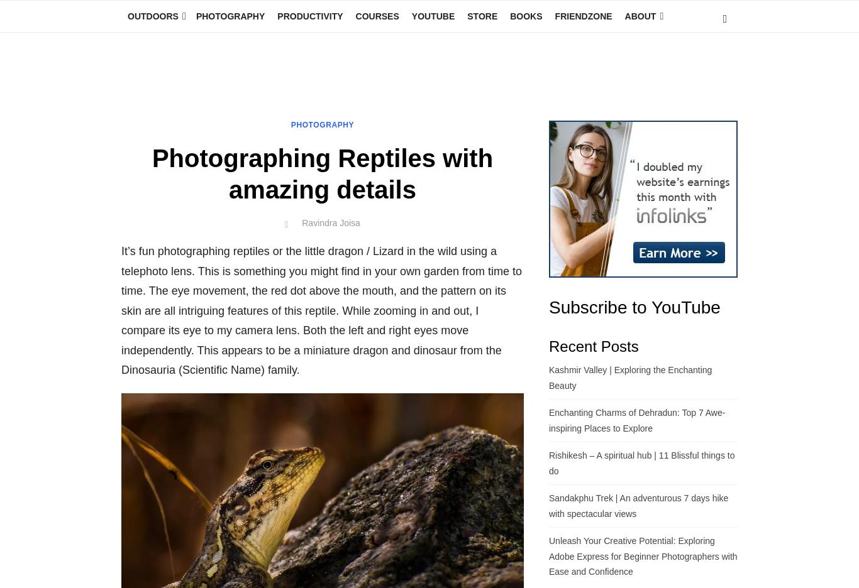  What do you see at coordinates (640, 16) in the screenshot?
I see `'About'` at bounding box center [640, 16].